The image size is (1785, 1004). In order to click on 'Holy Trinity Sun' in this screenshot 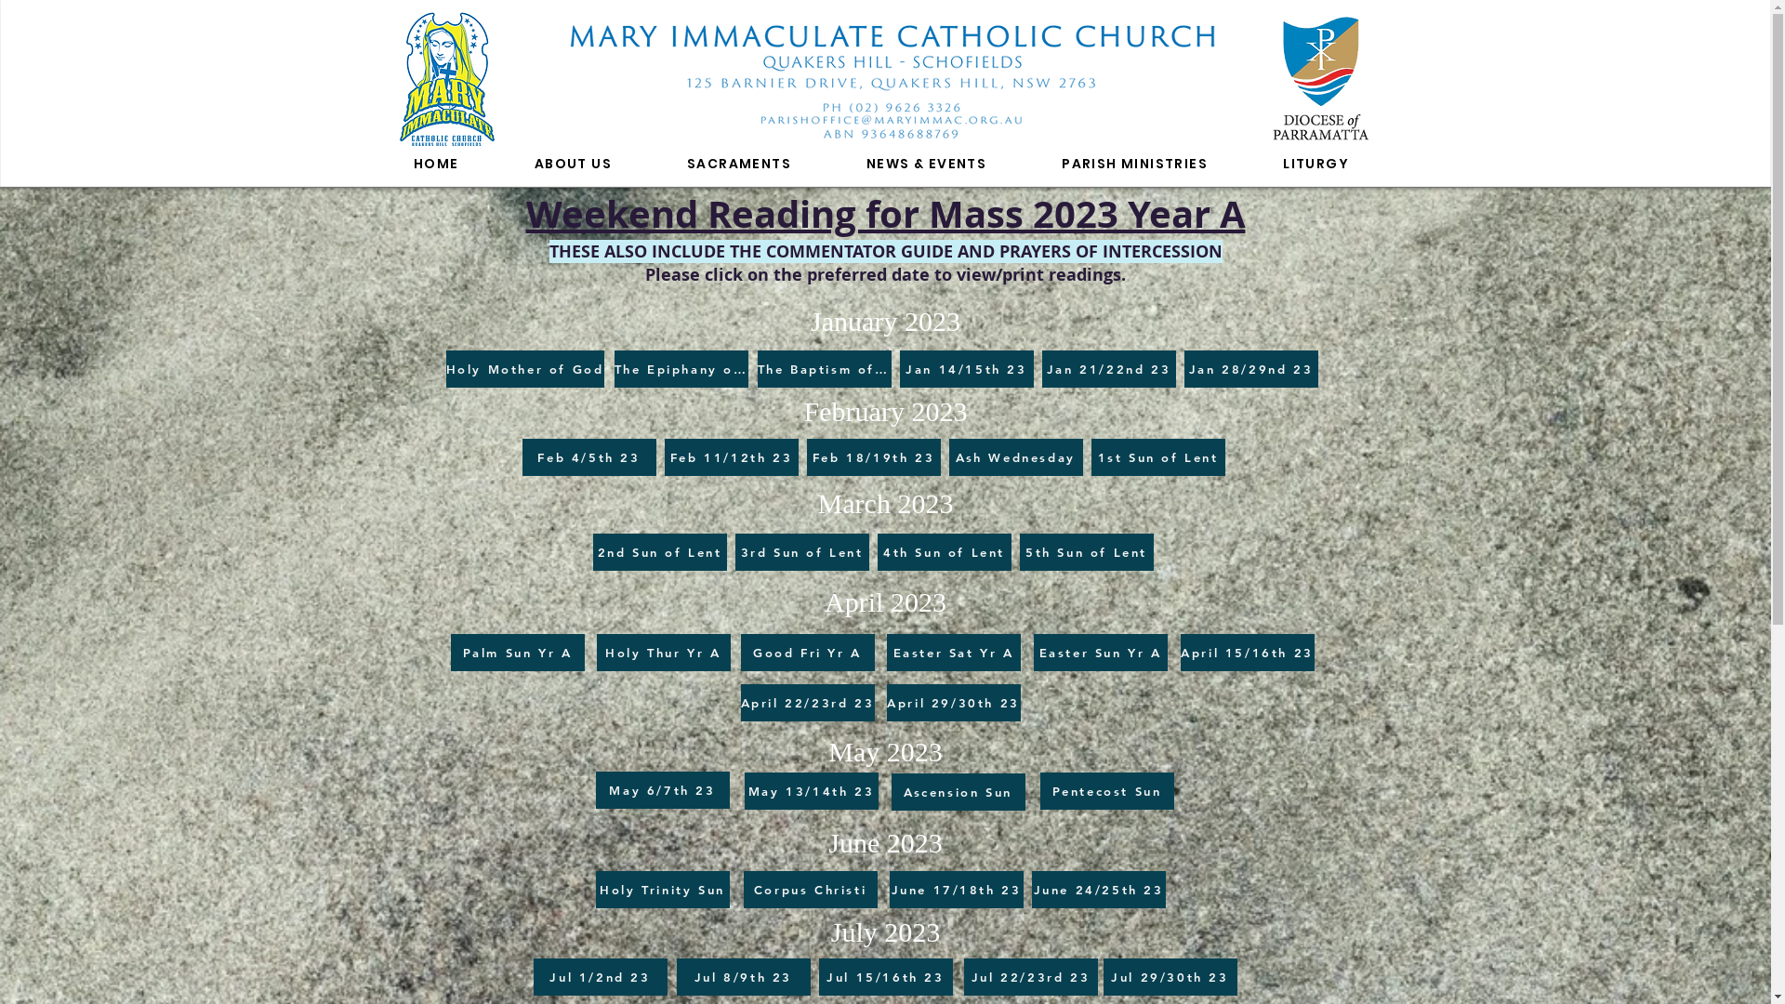, I will do `click(661, 888)`.